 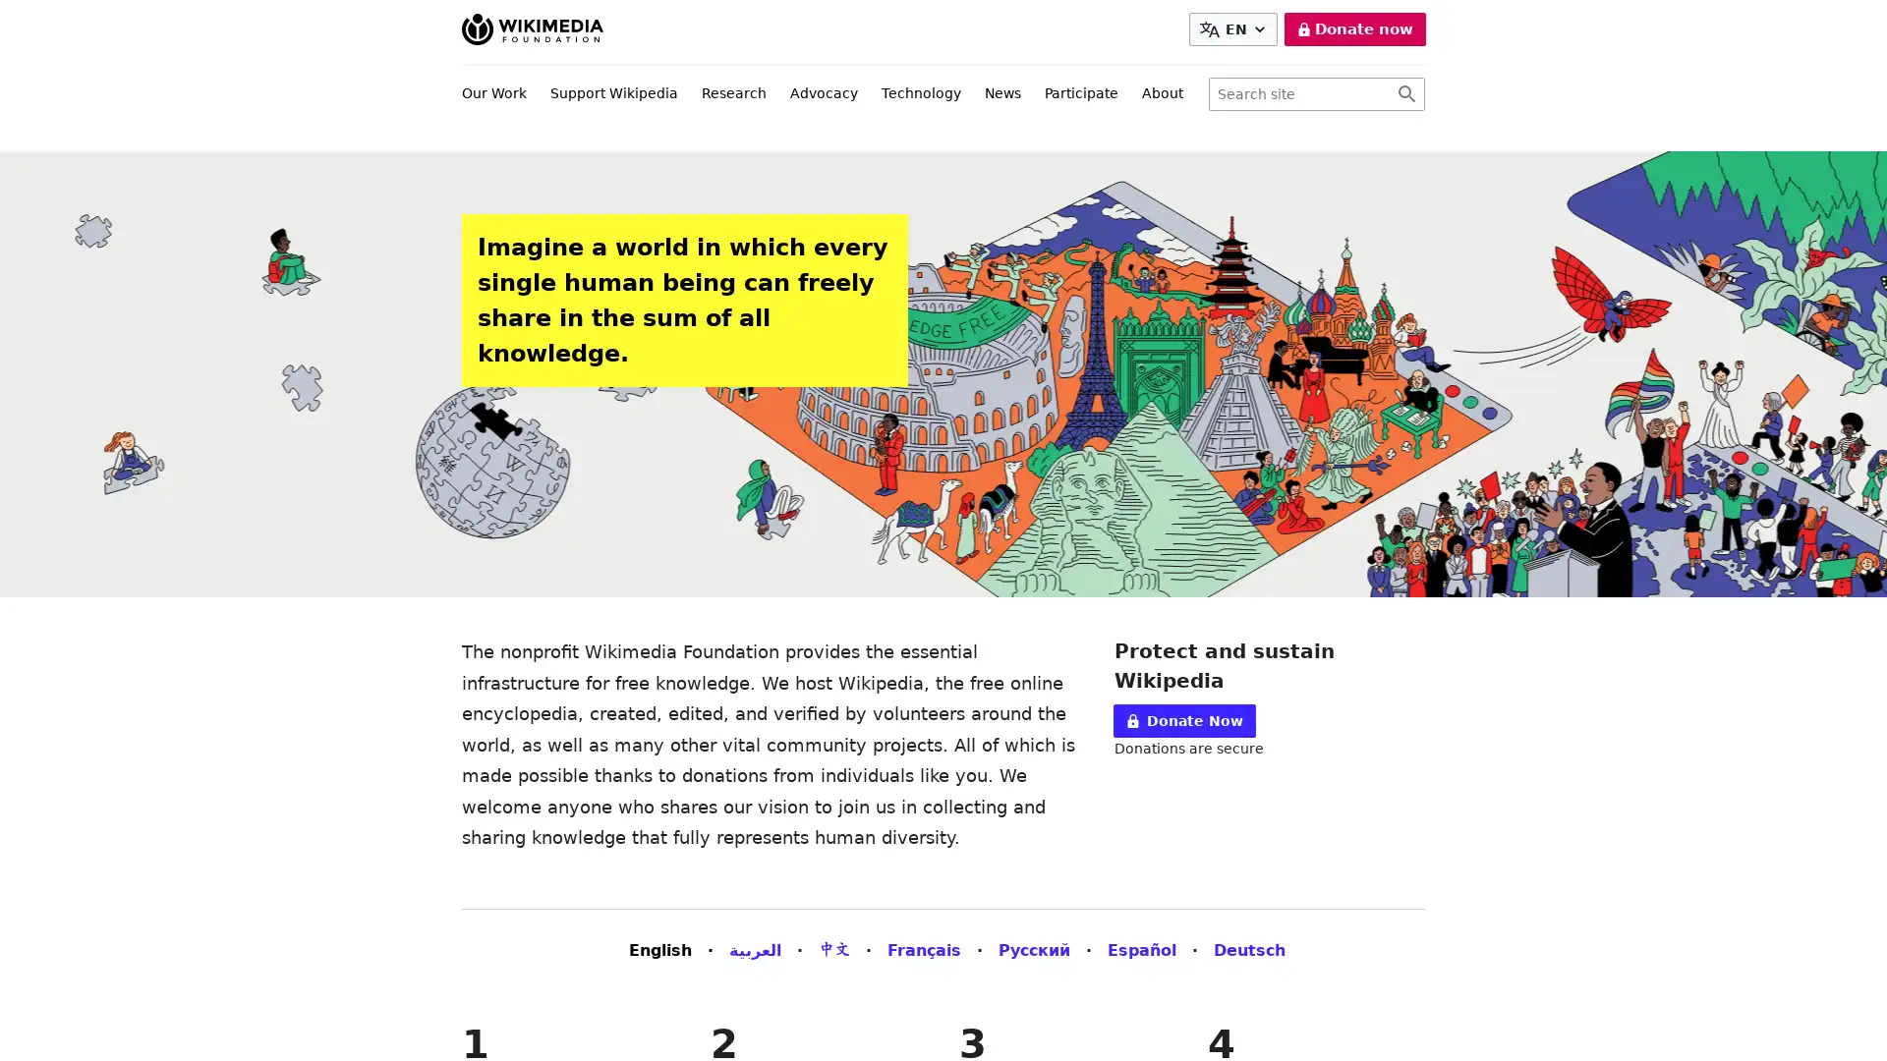 I want to click on Search, so click(x=1405, y=94).